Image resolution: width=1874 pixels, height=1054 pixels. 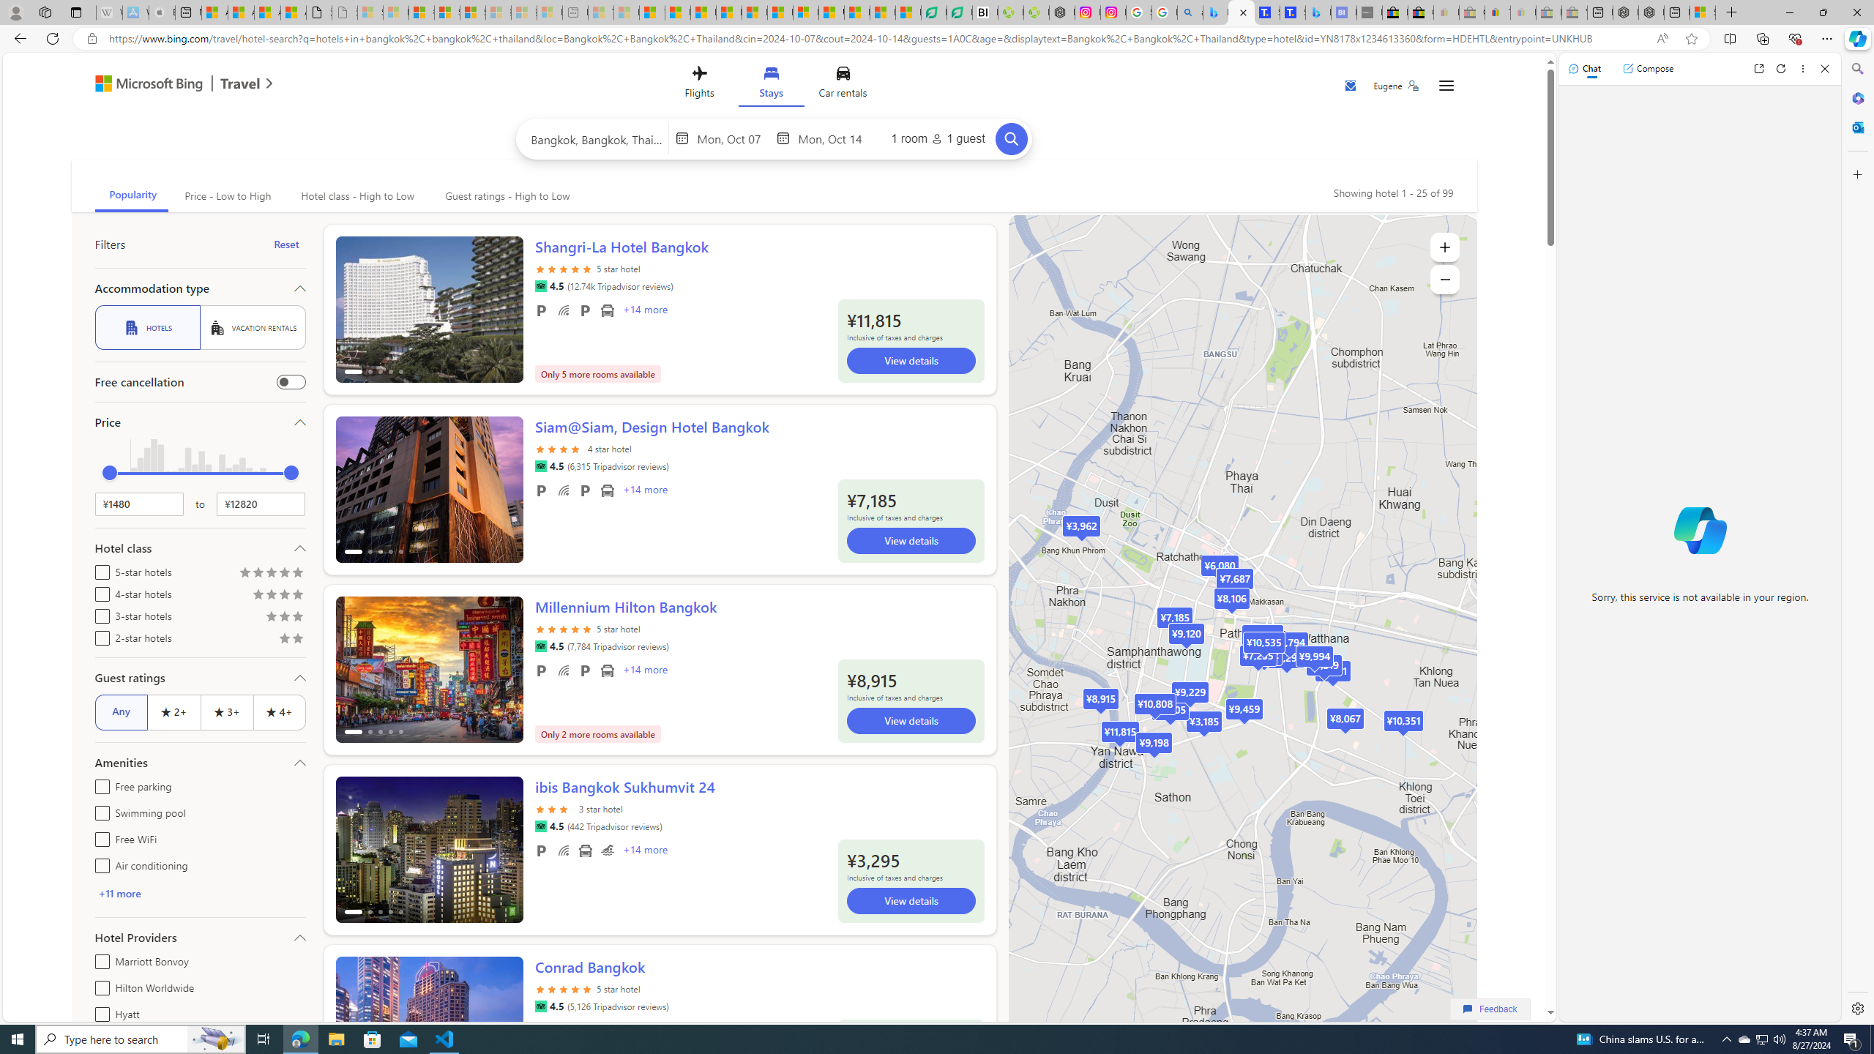 What do you see at coordinates (161, 12) in the screenshot?
I see `'Buy iPad - Apple - Sleeping'` at bounding box center [161, 12].